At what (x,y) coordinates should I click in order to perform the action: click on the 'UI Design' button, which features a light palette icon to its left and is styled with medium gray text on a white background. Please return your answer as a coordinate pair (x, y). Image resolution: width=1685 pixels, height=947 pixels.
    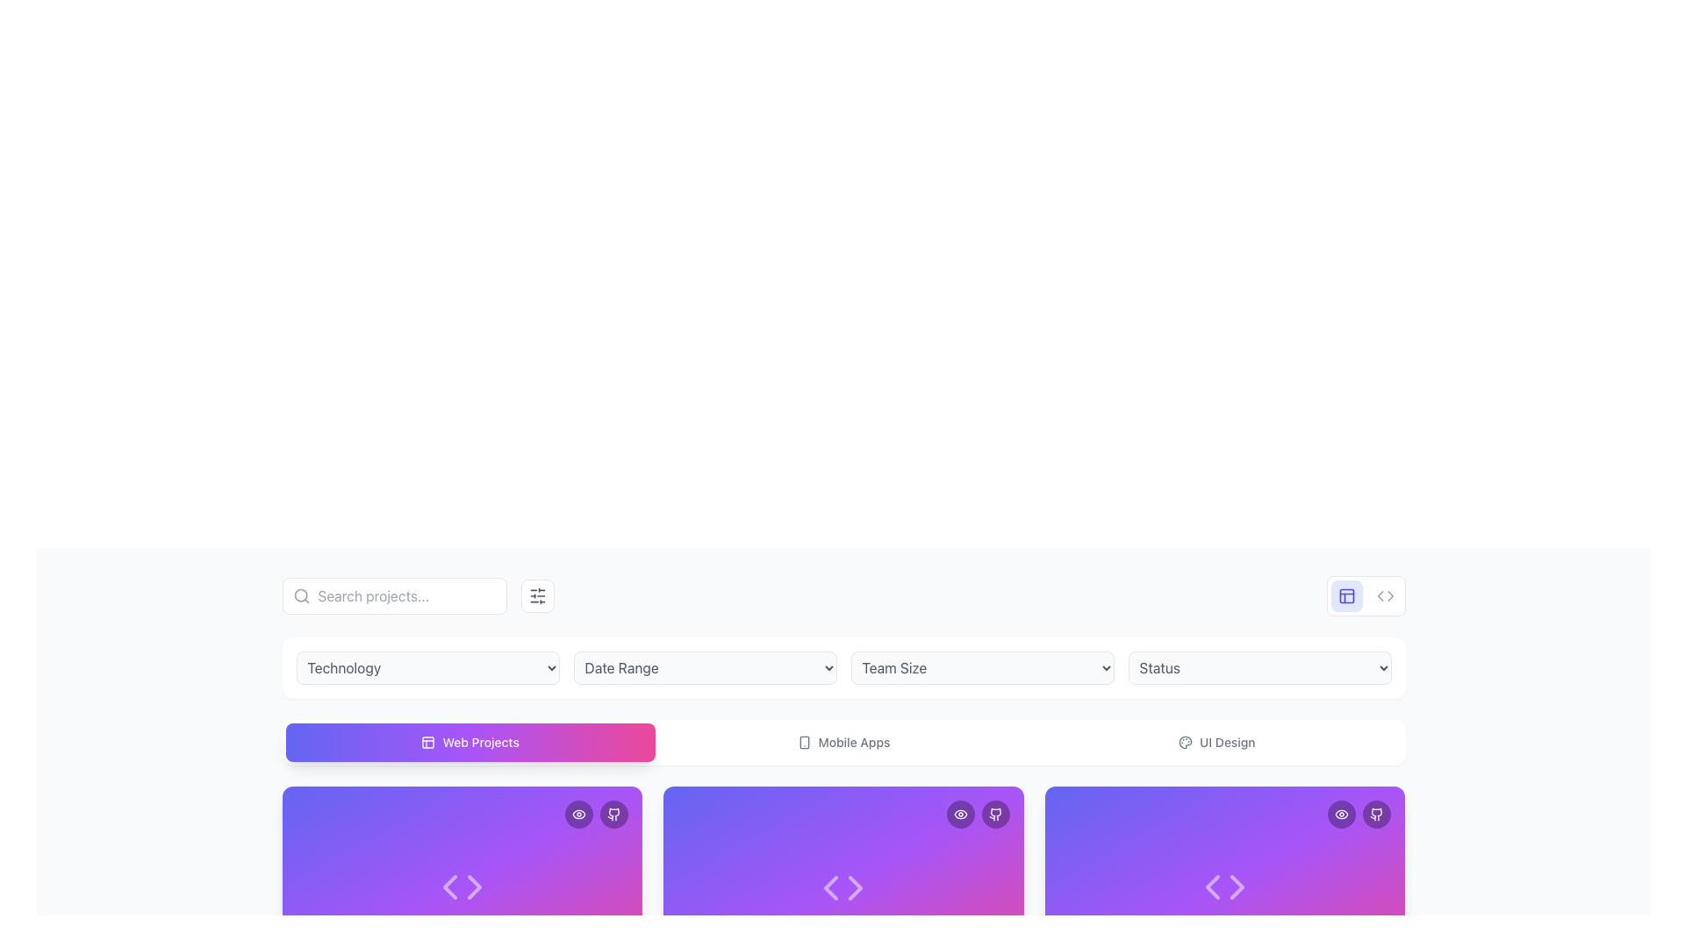
    Looking at the image, I should click on (1215, 743).